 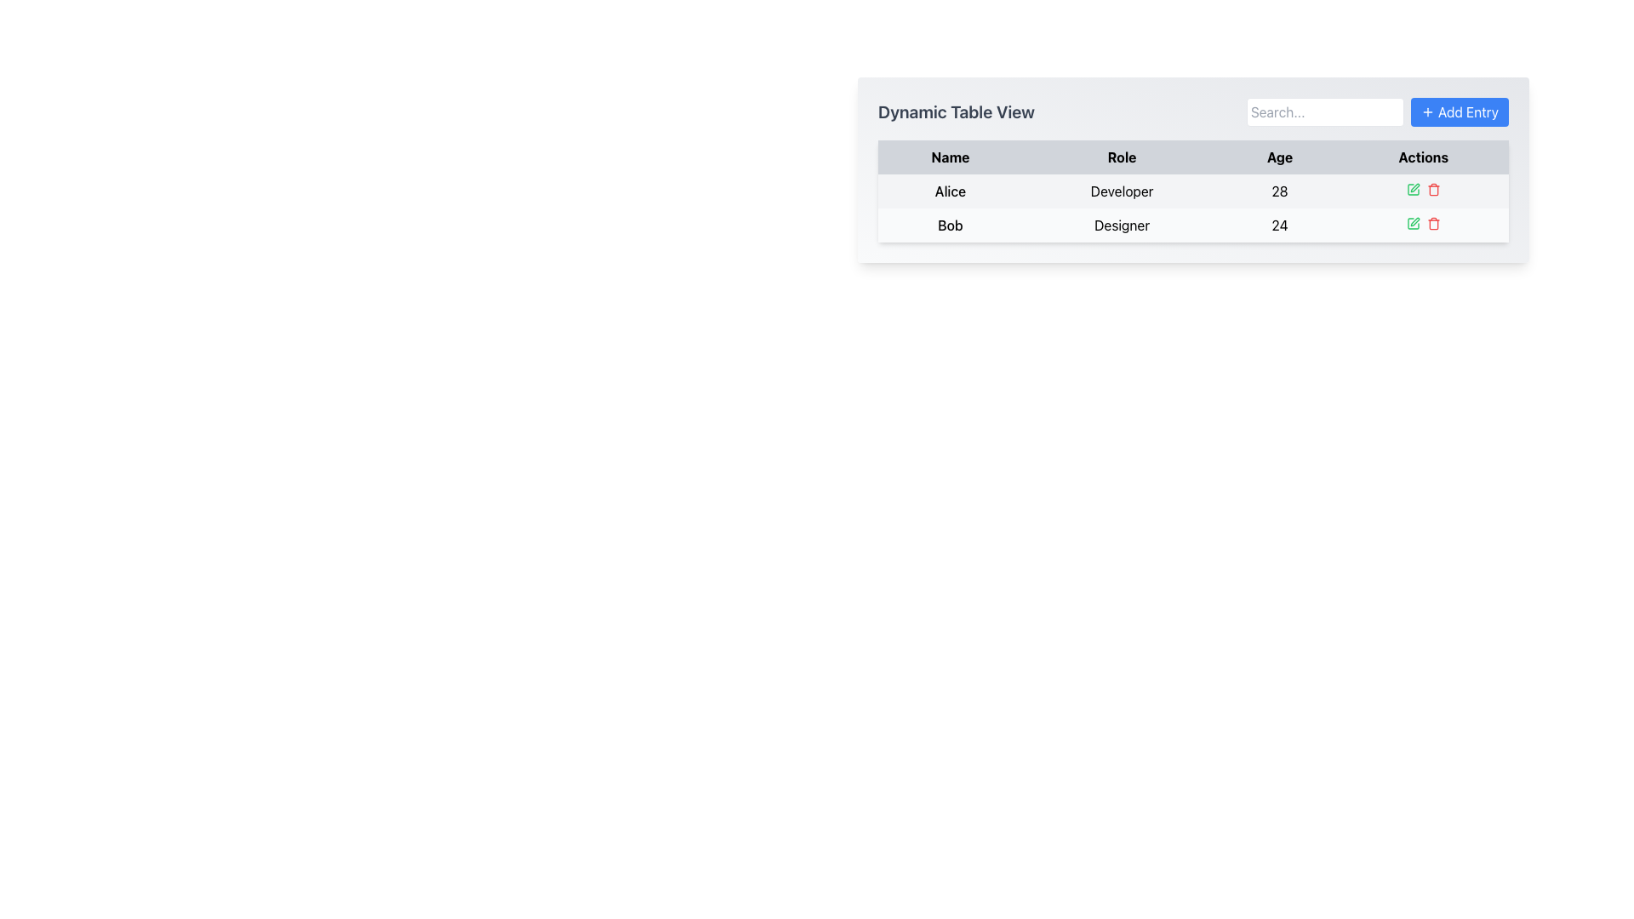 I want to click on the square green icon button with a pen symbol located in the action column of the second row of the table, so click(x=1413, y=190).